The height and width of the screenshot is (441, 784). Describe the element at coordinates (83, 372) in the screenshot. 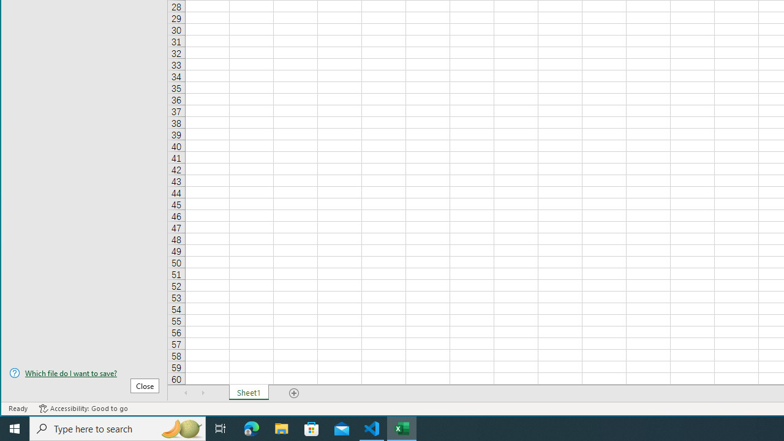

I see `'Which file do I want to save?'` at that location.